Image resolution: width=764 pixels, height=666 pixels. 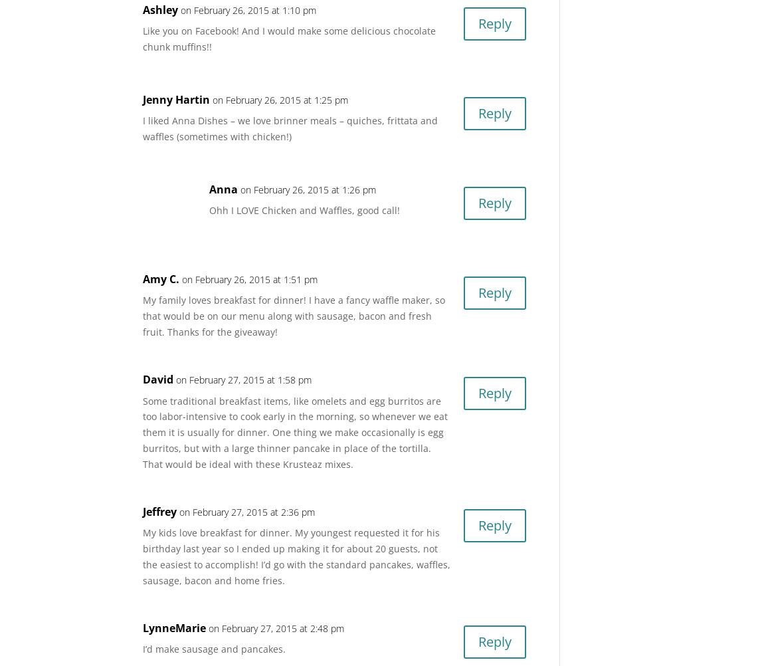 I want to click on 'Like you on Facebook! And I would make some delicious chocolate chunk muffins!!', so click(x=142, y=39).